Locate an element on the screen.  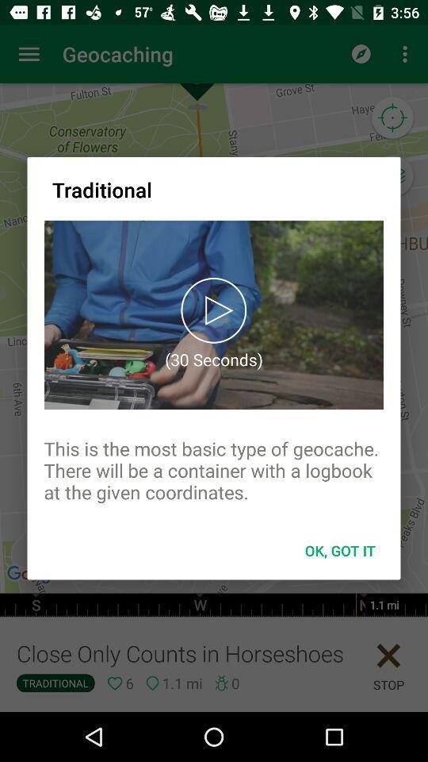
the item at the bottom right corner is located at coordinates (339, 550).